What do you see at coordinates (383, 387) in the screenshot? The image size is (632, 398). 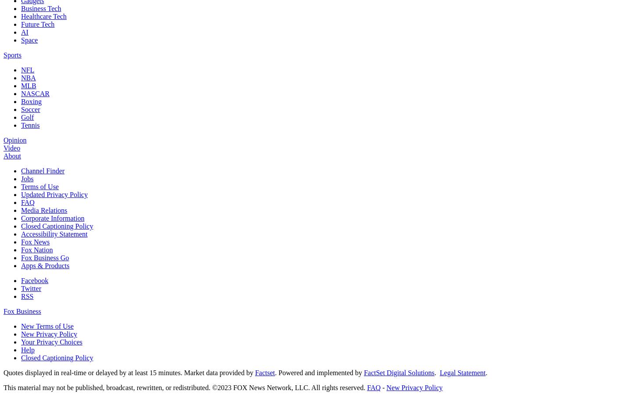 I see `'-'` at bounding box center [383, 387].